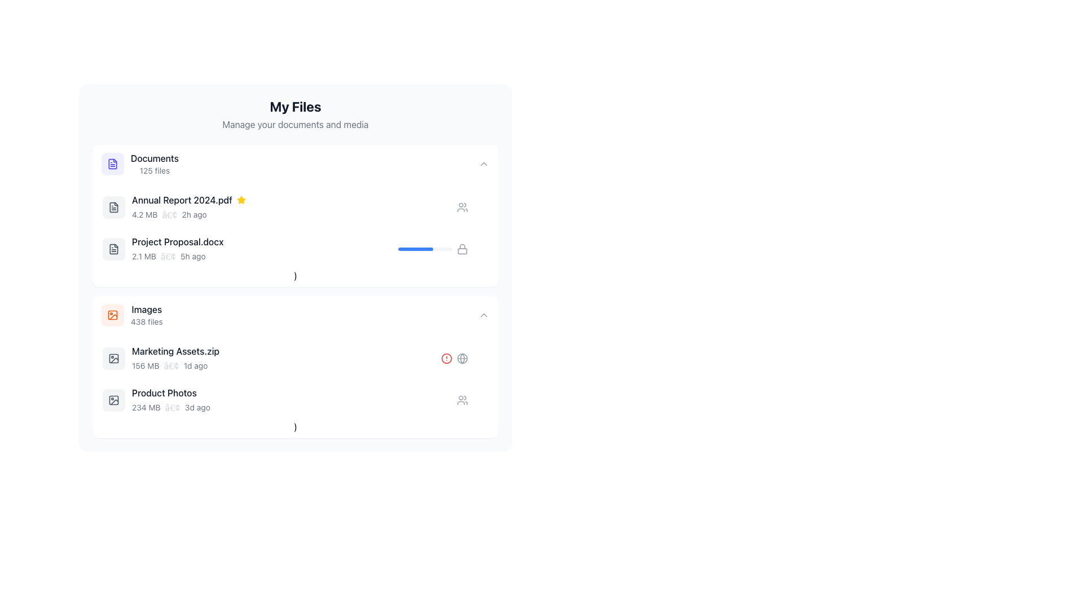  Describe the element at coordinates (463, 250) in the screenshot. I see `the small rectangular shape with rounded corners that is part of the lock icon associated with the 'Project Proposal.docx' entry, located to the right of the blue progress bar` at that location.